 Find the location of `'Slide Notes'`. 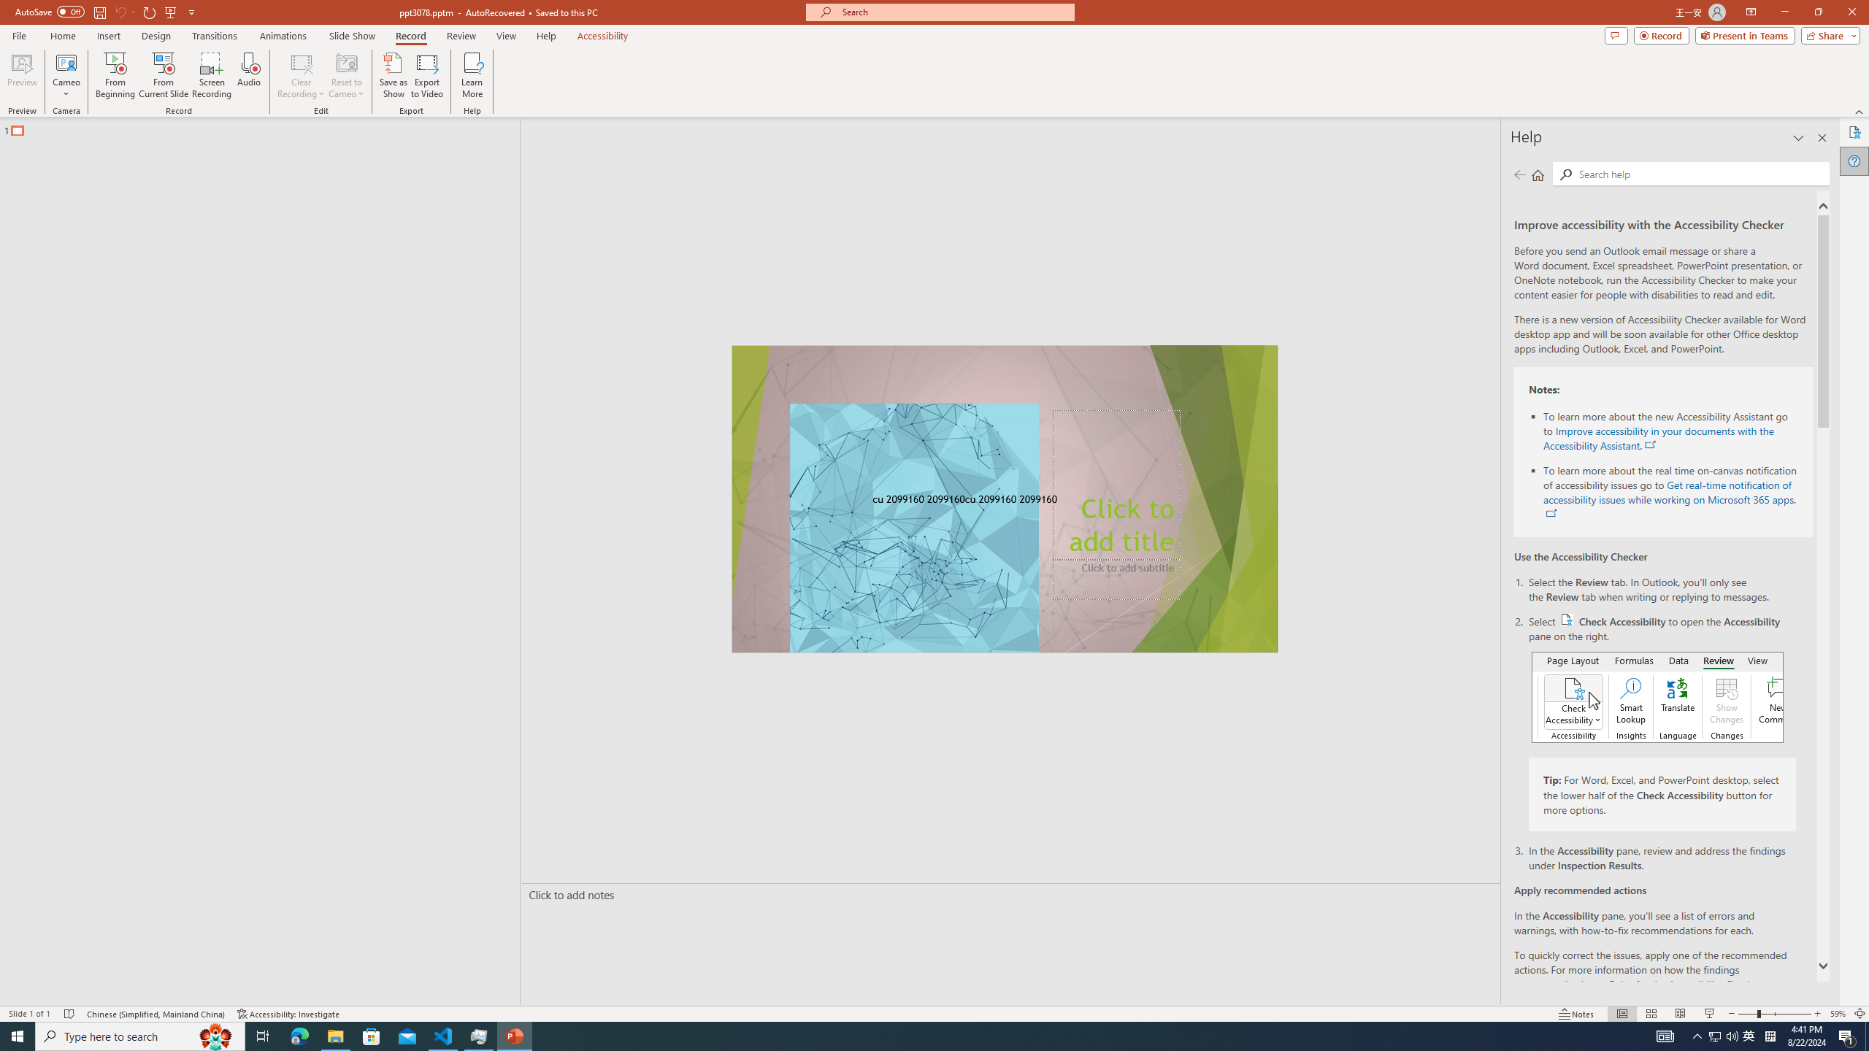

'Slide Notes' is located at coordinates (1008, 894).